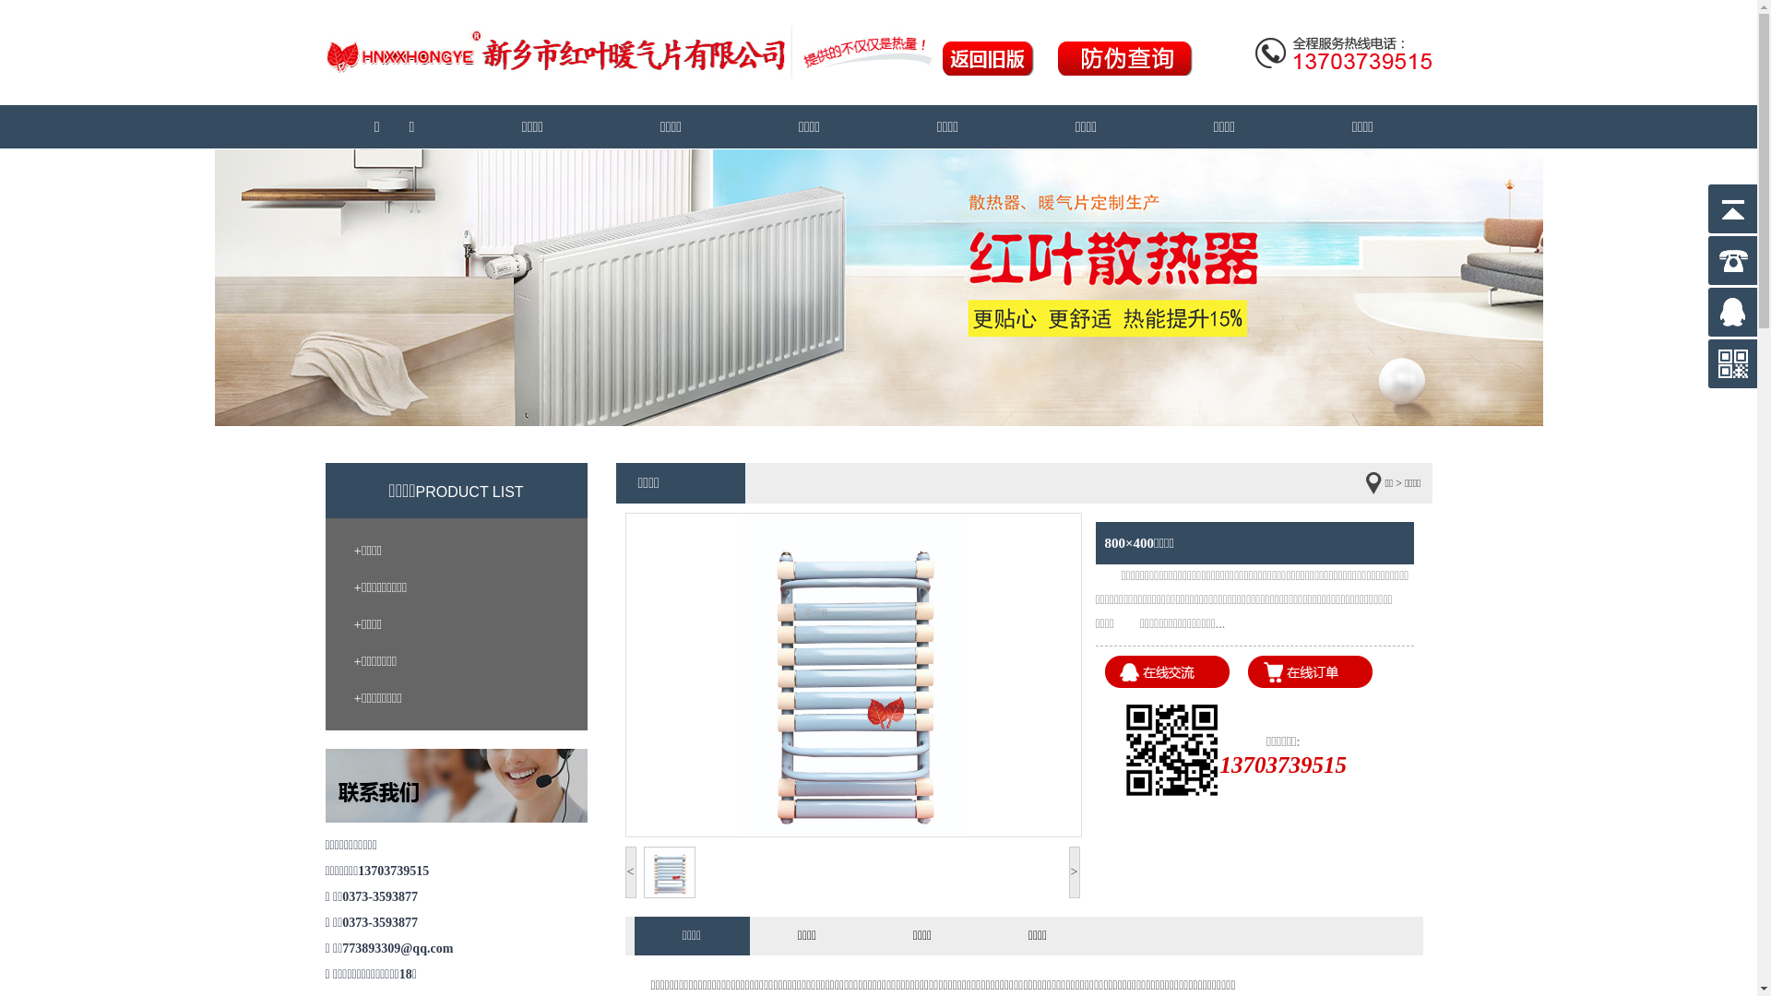  What do you see at coordinates (1075, 871) in the screenshot?
I see `'>'` at bounding box center [1075, 871].